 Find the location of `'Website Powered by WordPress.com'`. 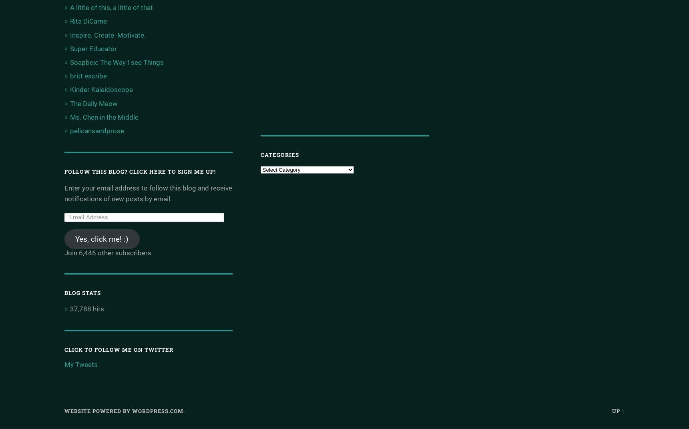

'Website Powered by WordPress.com' is located at coordinates (123, 411).